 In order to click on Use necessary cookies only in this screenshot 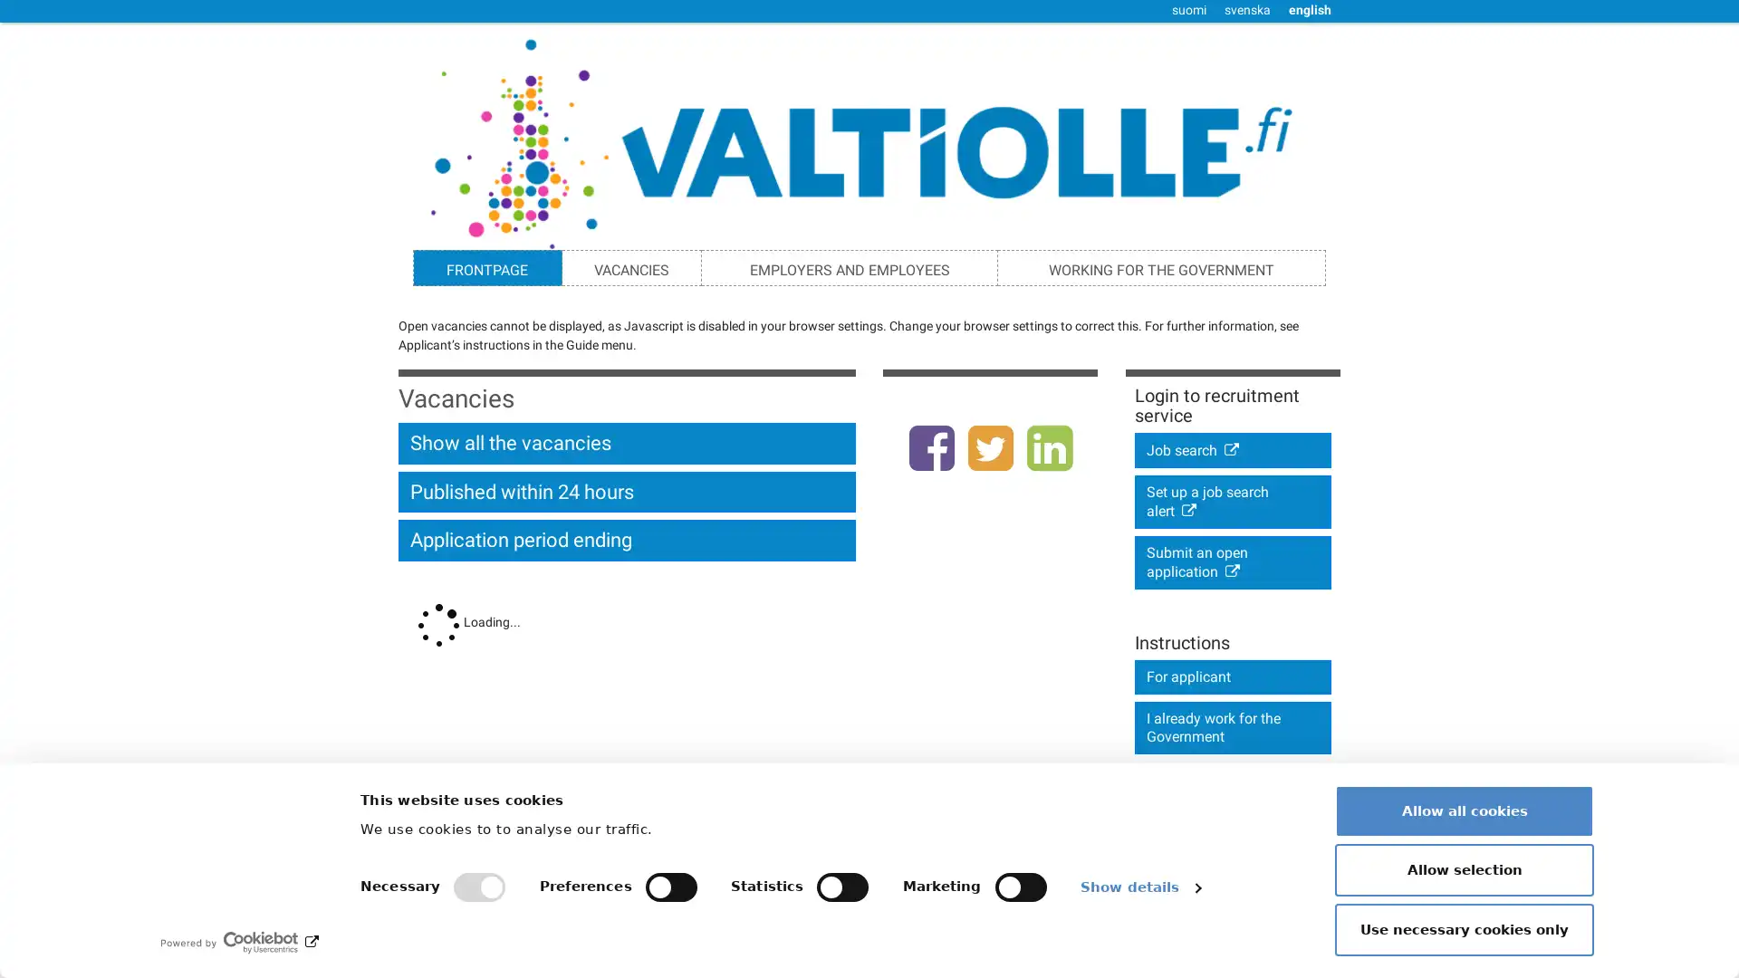, I will do `click(1465, 929)`.